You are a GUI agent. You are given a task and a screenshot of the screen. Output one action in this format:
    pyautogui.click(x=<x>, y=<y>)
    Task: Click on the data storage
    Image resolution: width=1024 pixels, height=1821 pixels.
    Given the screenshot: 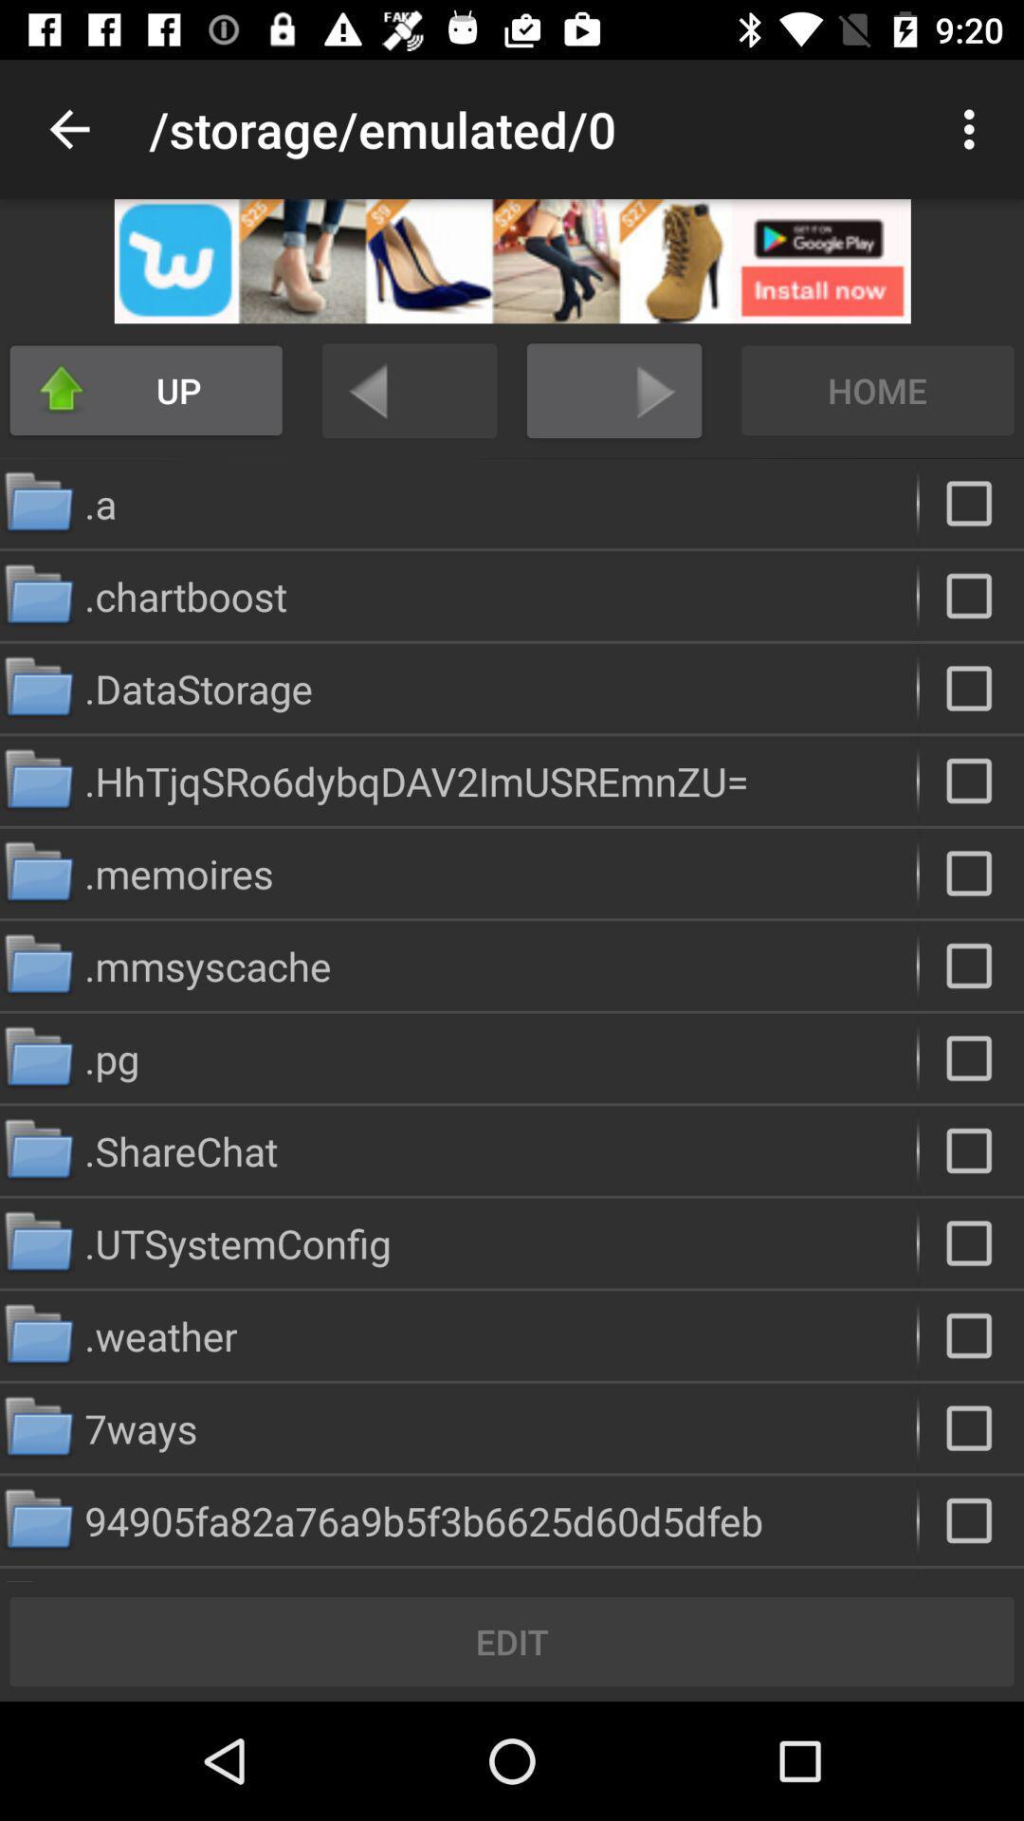 What is the action you would take?
    pyautogui.click(x=971, y=687)
    